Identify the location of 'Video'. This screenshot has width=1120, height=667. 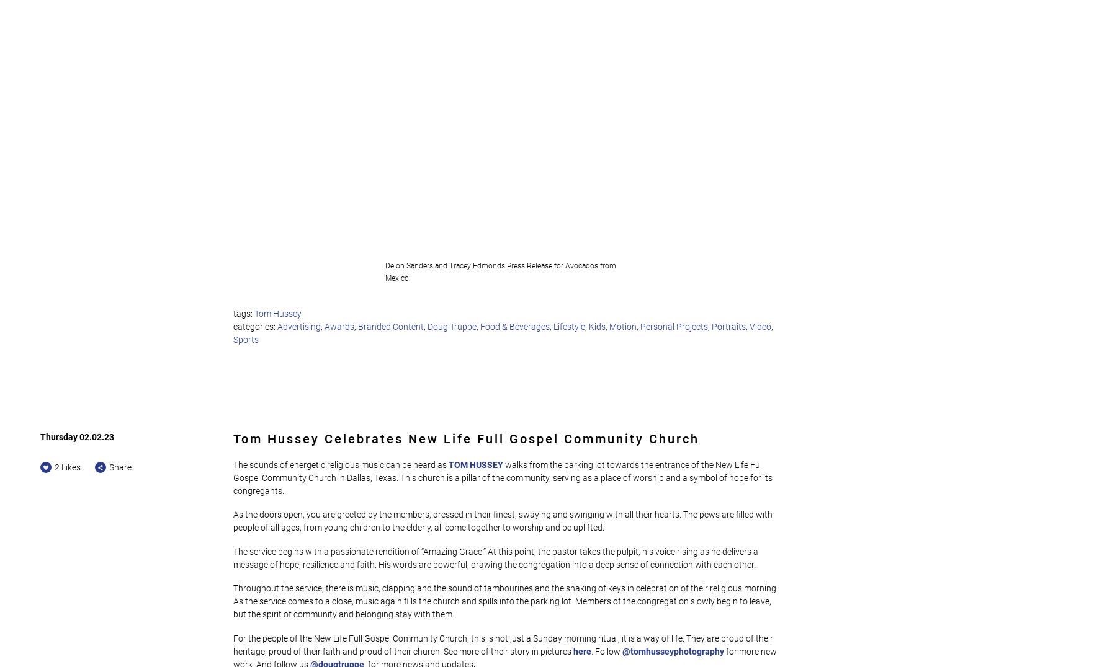
(760, 325).